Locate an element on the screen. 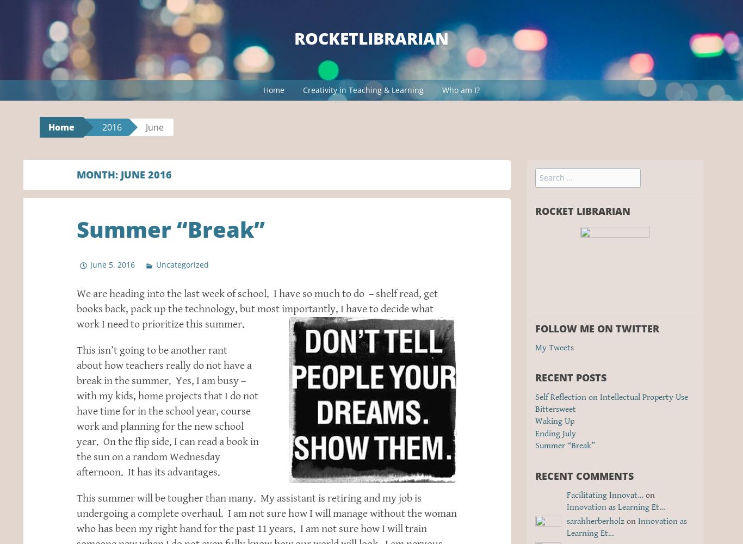 This screenshot has height=544, width=743. 'Month:' is located at coordinates (98, 174).